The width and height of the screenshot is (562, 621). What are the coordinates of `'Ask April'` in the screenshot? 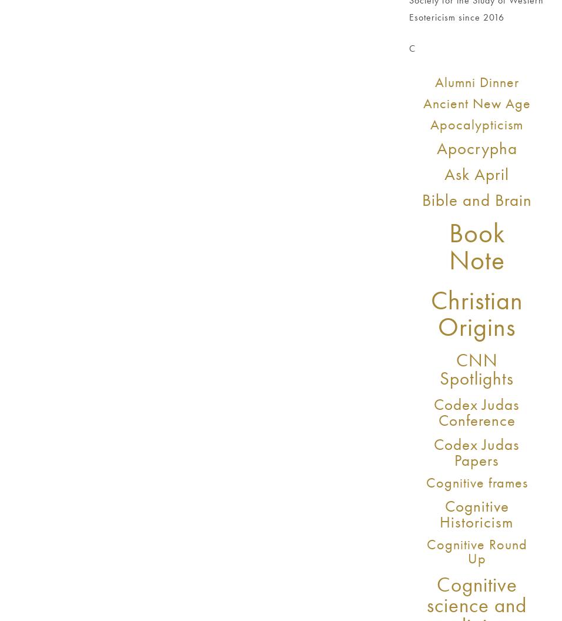 It's located at (476, 173).